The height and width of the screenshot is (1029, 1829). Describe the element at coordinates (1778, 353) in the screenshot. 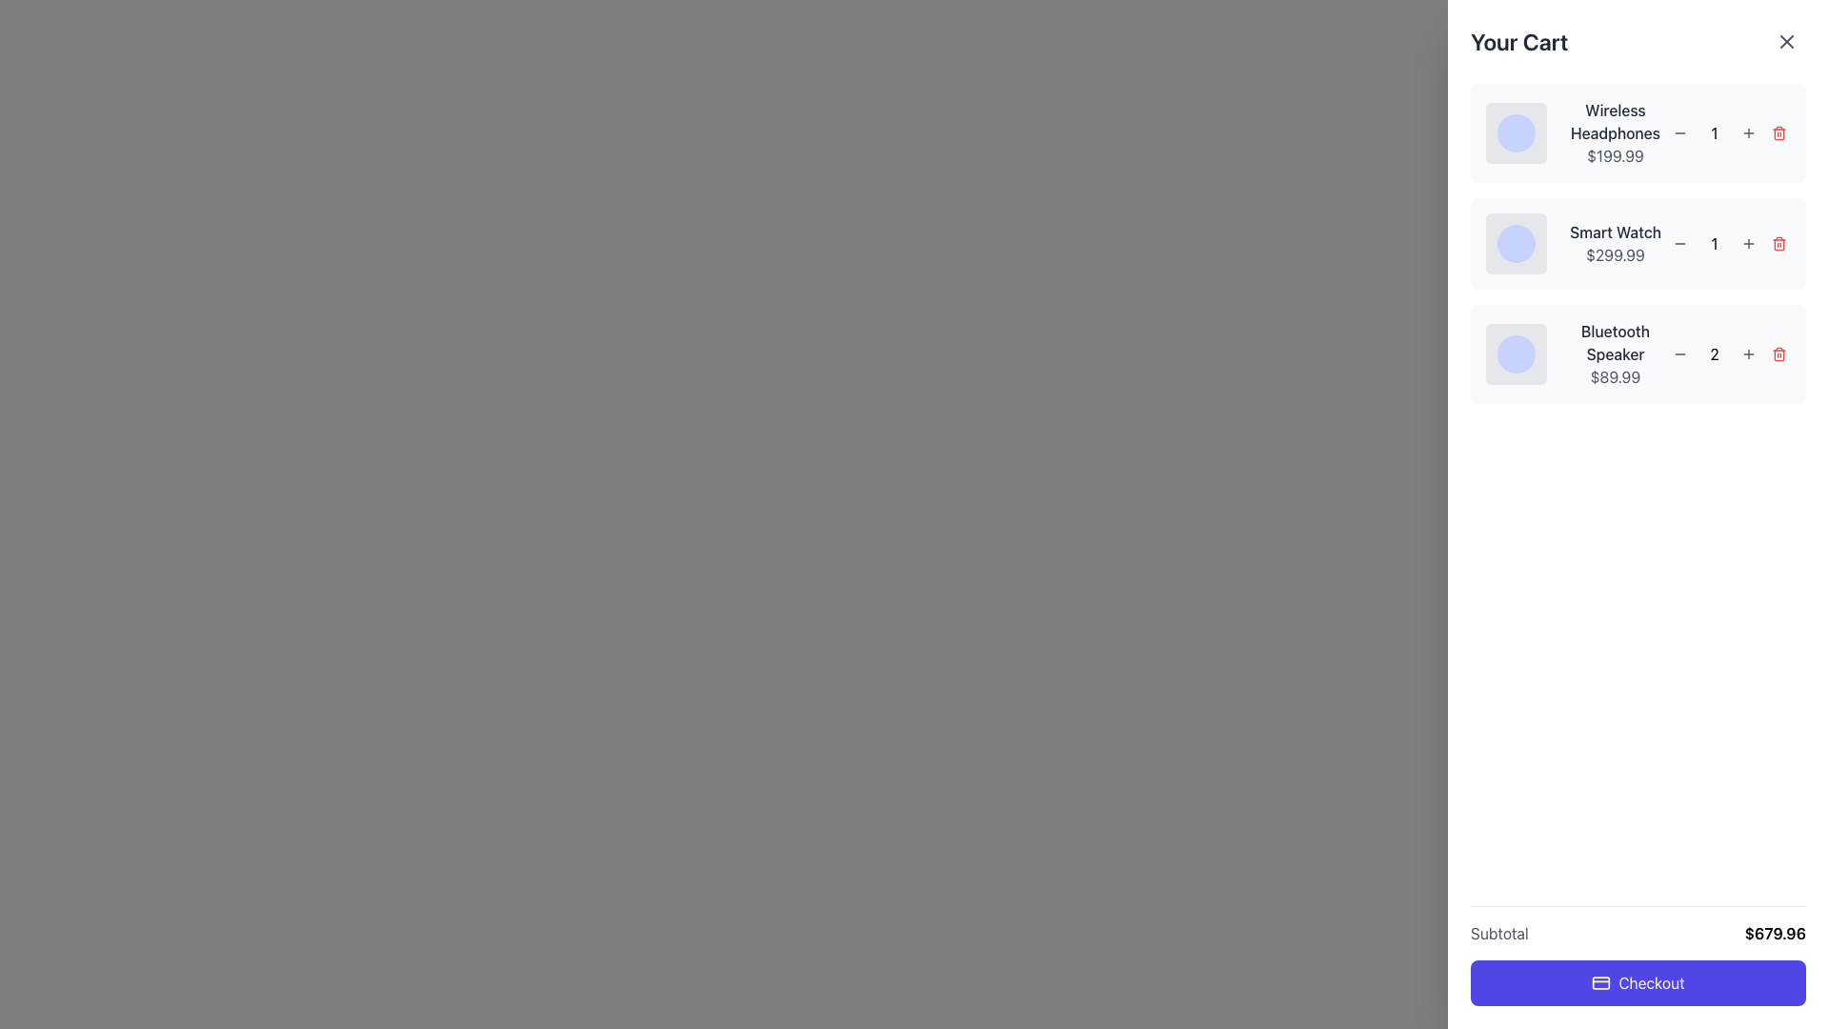

I see `the button at the far right of the row corresponding to the 'Bluetooth Speaker' item in the shopping cart` at that location.